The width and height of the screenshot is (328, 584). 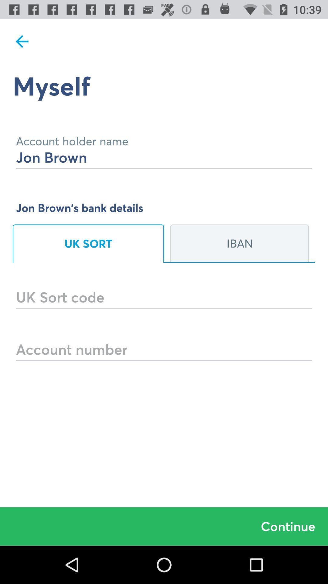 What do you see at coordinates (88, 244) in the screenshot?
I see `uk sort item` at bounding box center [88, 244].